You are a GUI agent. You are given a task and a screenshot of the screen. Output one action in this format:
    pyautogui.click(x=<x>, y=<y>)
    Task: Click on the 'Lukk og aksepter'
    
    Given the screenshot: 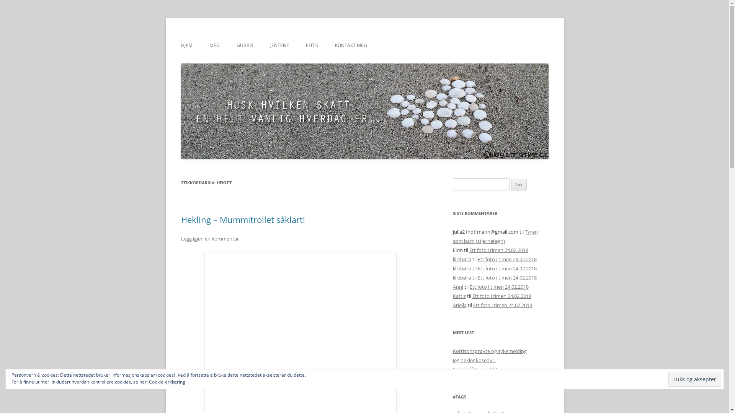 What is the action you would take?
    pyautogui.click(x=694, y=379)
    